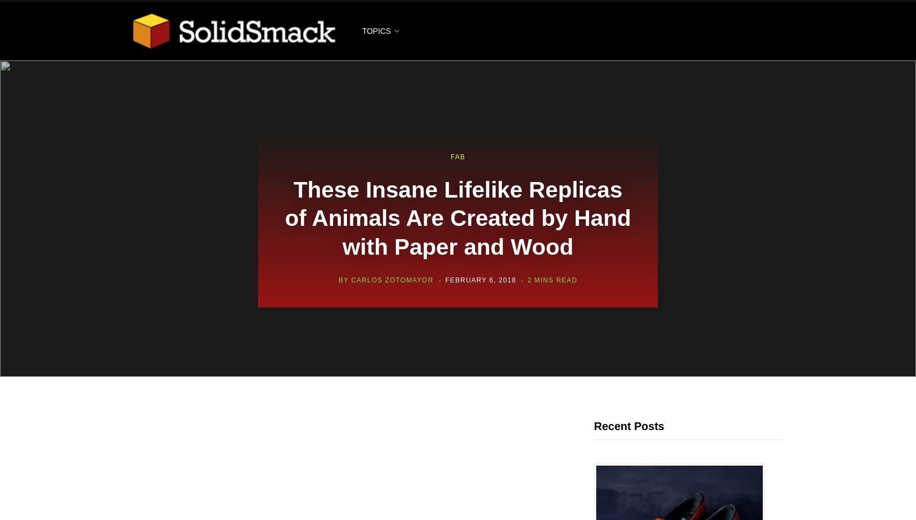  Describe the element at coordinates (397, 300) in the screenshot. I see `'PROJECTS'` at that location.